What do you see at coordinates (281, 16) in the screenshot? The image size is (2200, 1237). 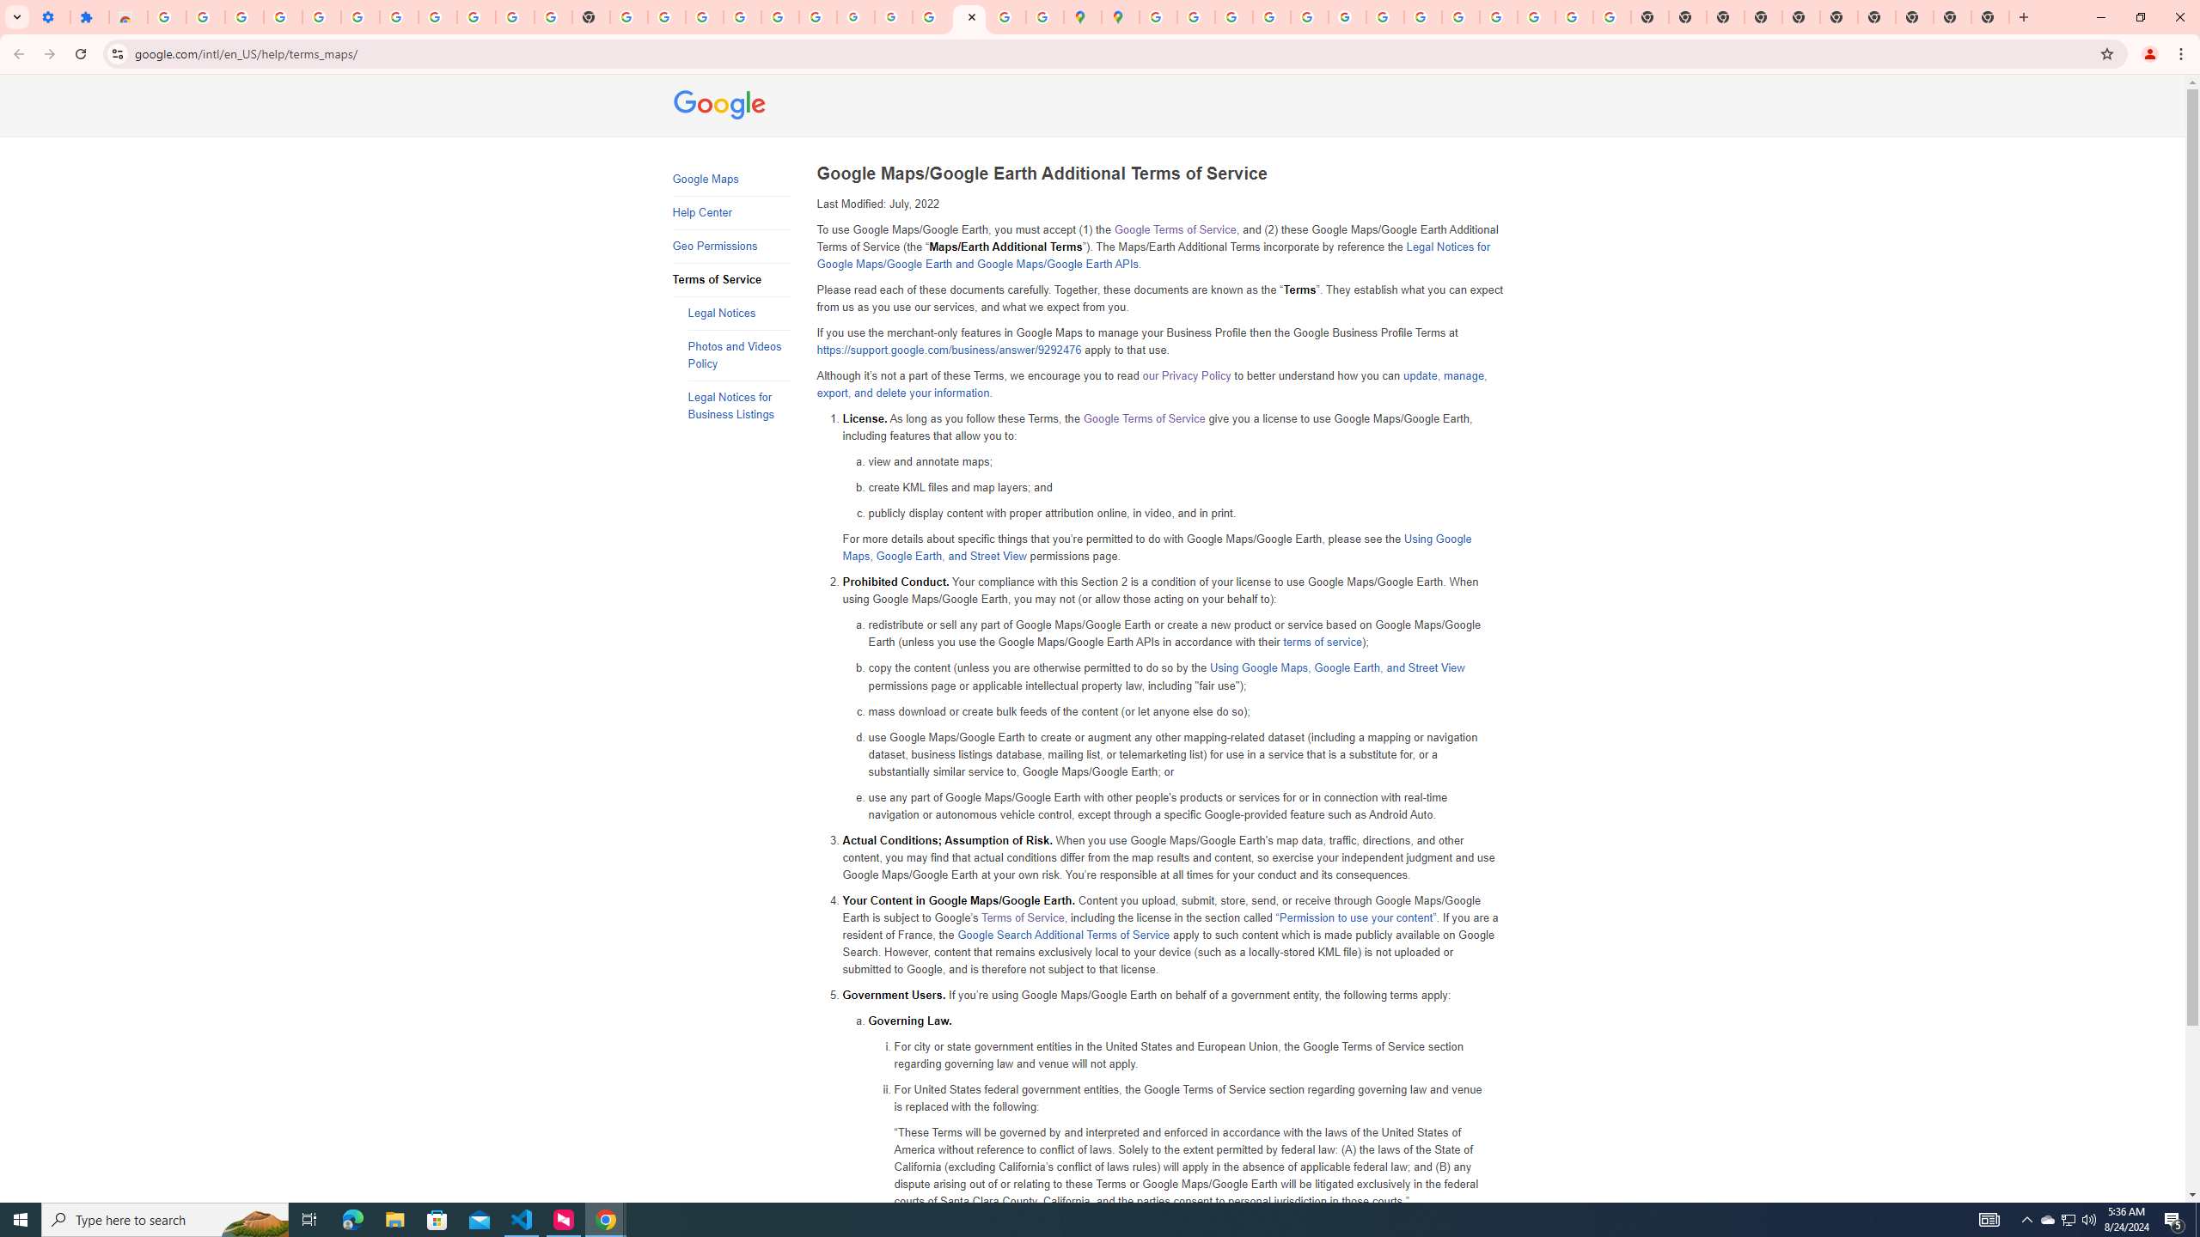 I see `'Delete photos & videos - Computer - Google Photos Help'` at bounding box center [281, 16].